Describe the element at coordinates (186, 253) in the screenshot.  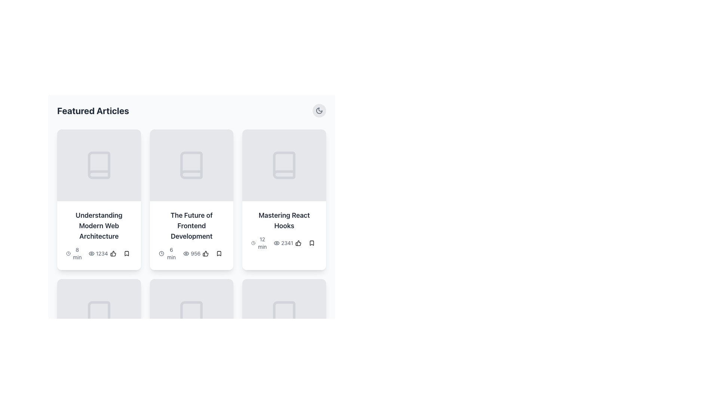
I see `the icon representing visibility or view count located under the title 'The Future of Frontend Development', to the left of the numeric display '956'` at that location.